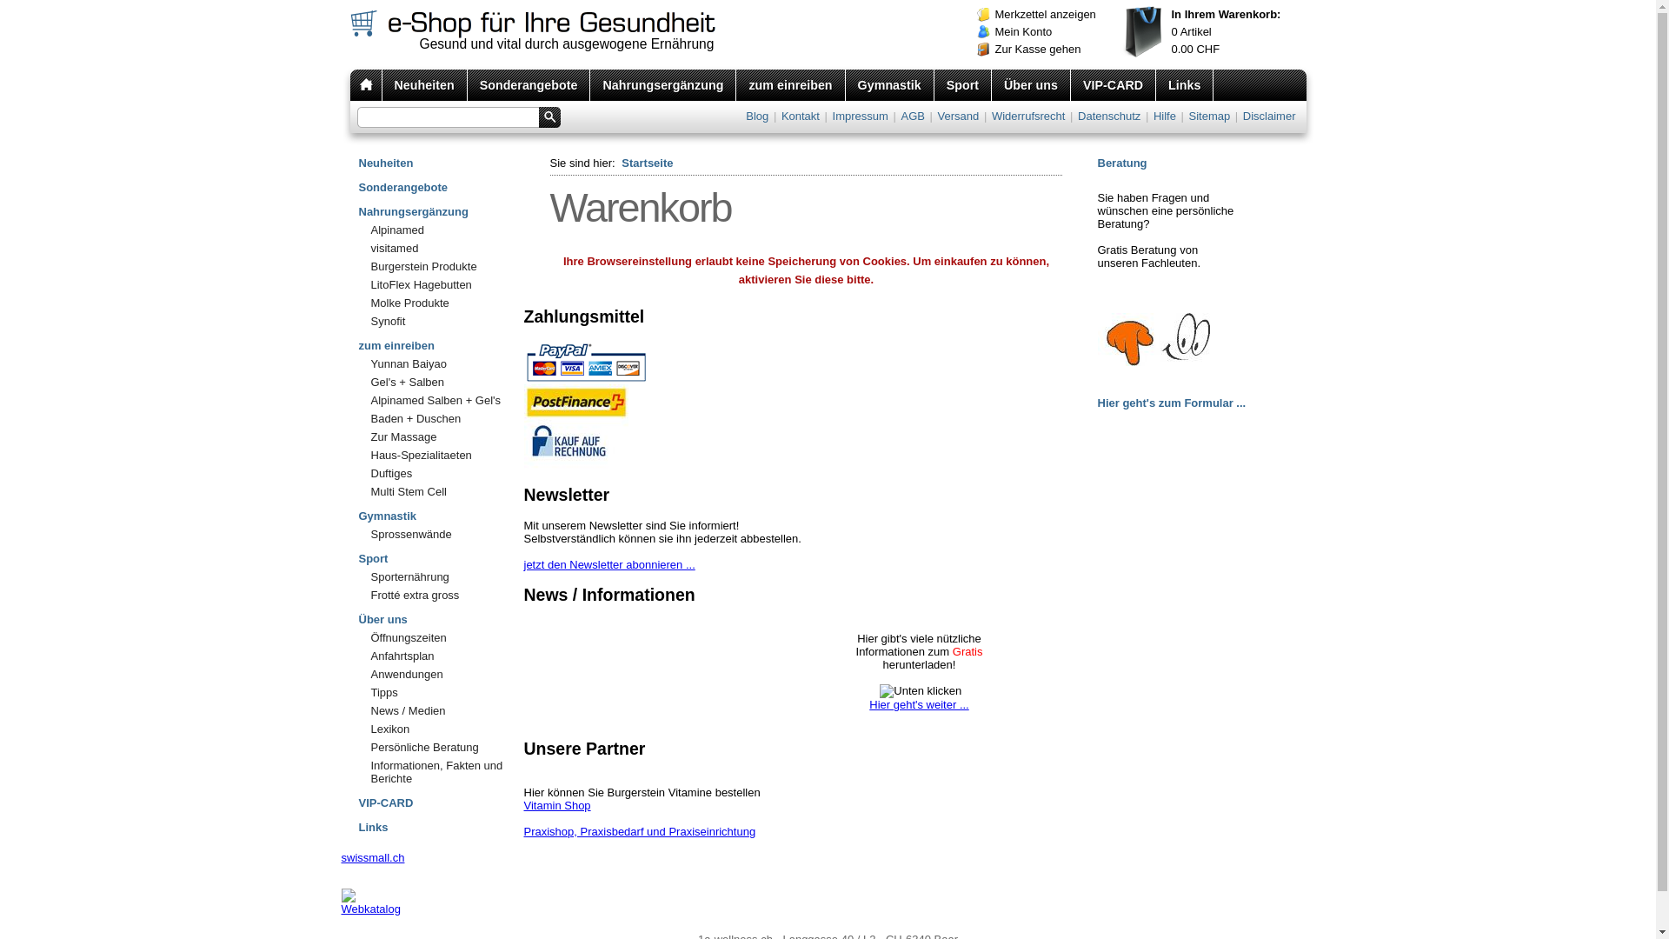 Image resolution: width=1669 pixels, height=939 pixels. Describe the element at coordinates (800, 116) in the screenshot. I see `'Kontakt'` at that location.